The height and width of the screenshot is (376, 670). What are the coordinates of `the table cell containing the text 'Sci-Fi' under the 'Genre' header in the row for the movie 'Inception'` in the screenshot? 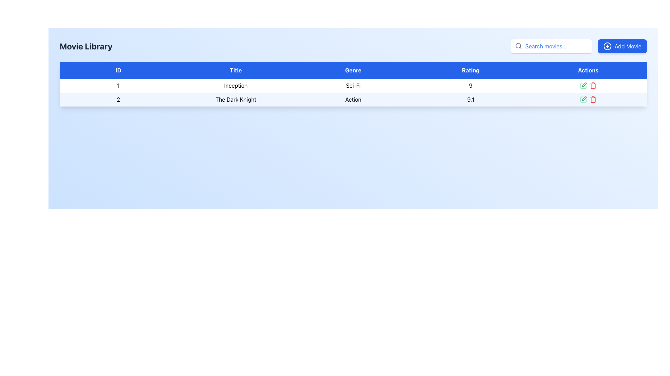 It's located at (353, 85).